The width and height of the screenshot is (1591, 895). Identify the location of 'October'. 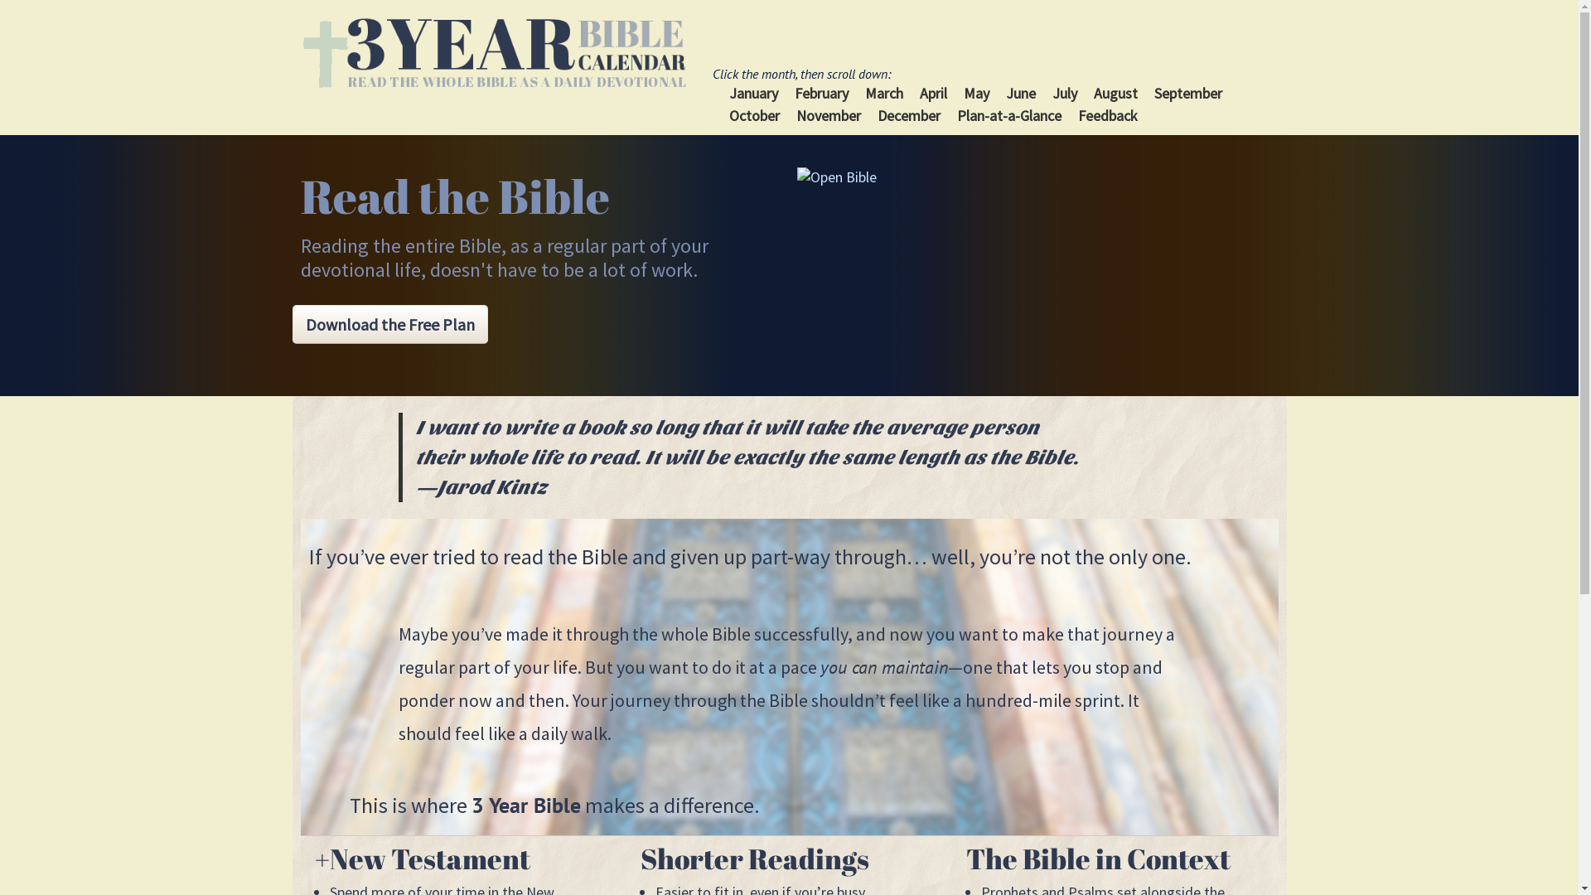
(753, 114).